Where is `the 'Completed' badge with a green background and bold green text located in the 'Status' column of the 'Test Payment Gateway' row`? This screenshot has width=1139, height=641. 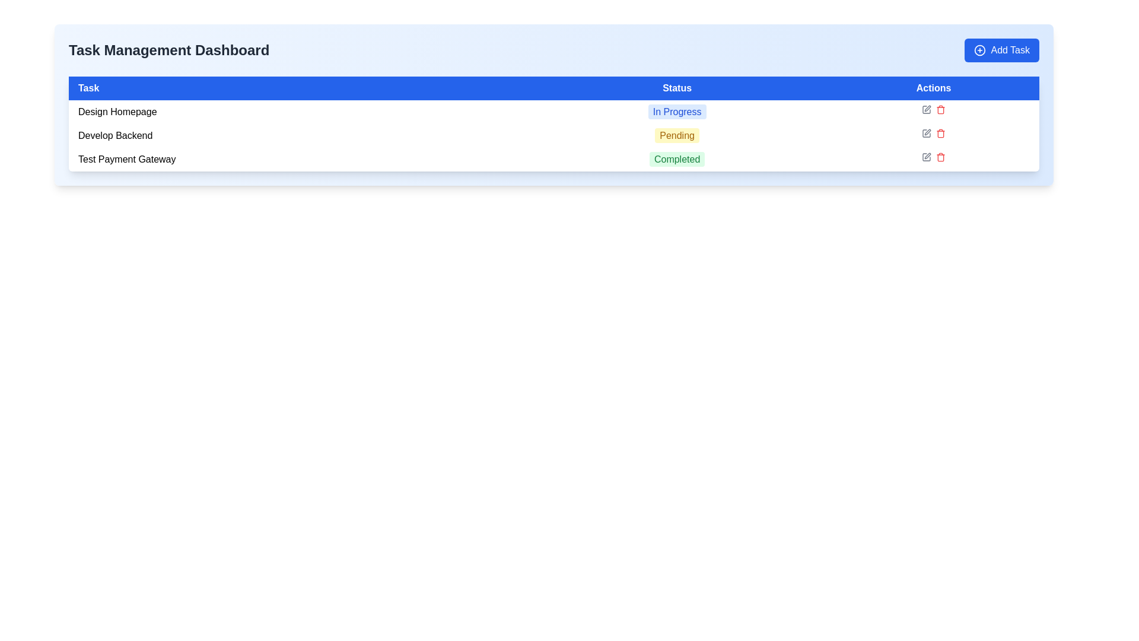 the 'Completed' badge with a green background and bold green text located in the 'Status' column of the 'Test Payment Gateway' row is located at coordinates (677, 159).